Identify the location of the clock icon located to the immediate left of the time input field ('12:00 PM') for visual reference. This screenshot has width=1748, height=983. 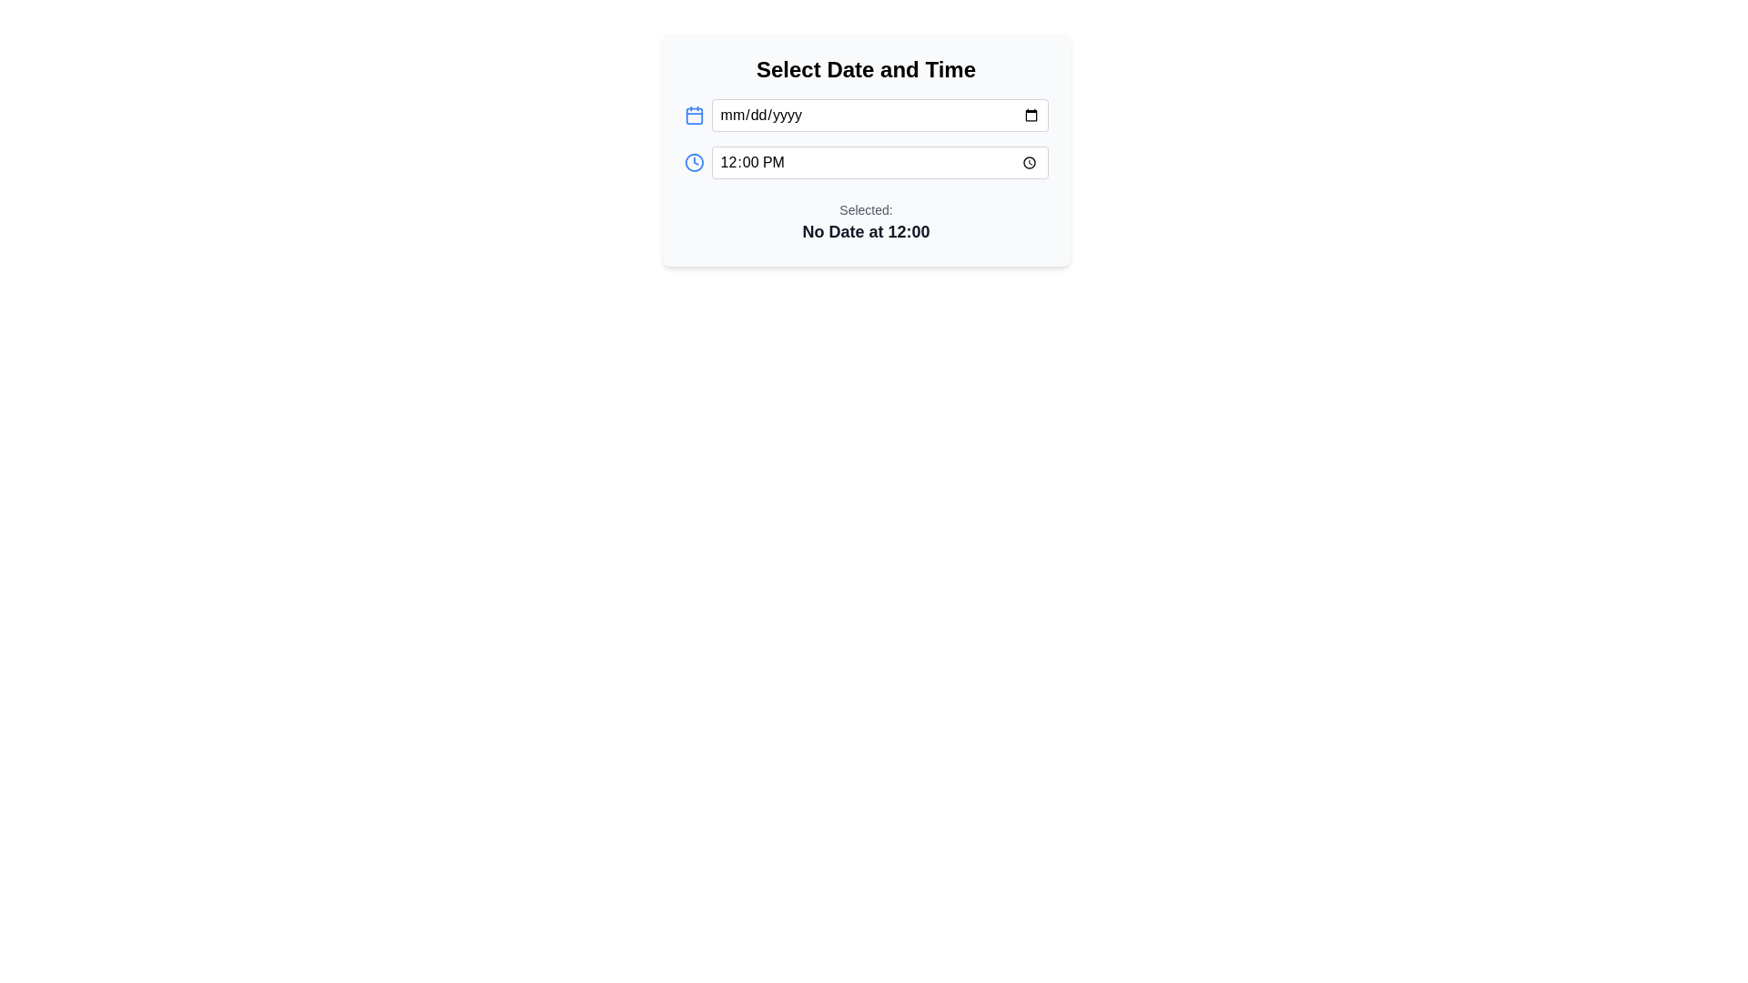
(693, 161).